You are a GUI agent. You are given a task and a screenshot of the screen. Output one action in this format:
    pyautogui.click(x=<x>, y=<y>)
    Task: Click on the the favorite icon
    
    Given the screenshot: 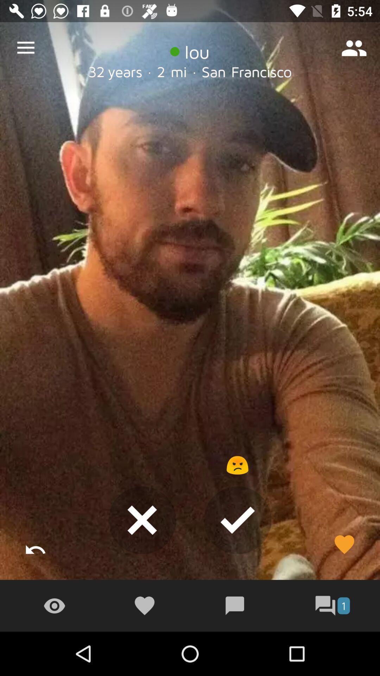 What is the action you would take?
    pyautogui.click(x=344, y=544)
    